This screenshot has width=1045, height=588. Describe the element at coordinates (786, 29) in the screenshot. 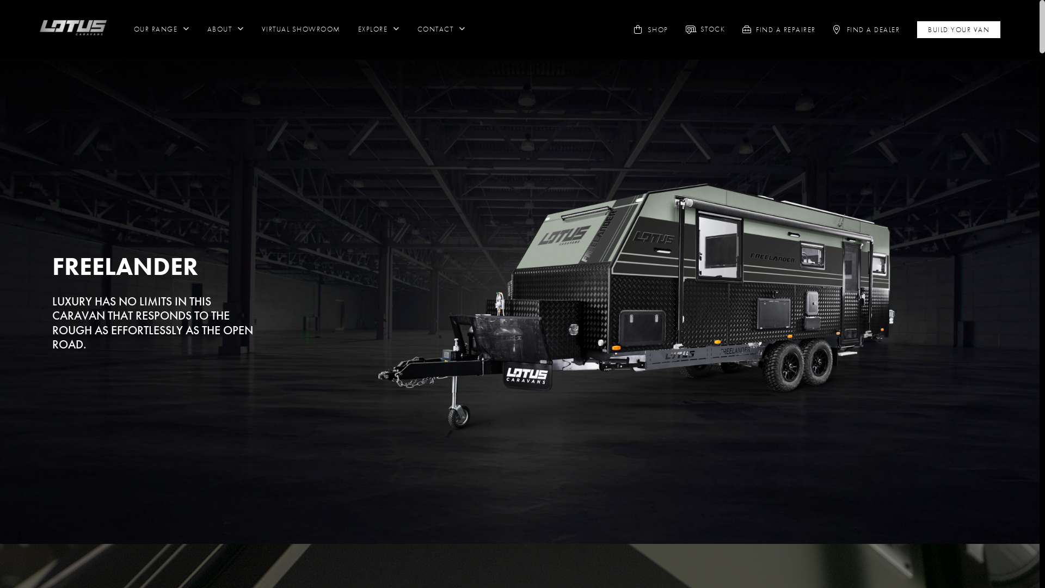

I see `'FIND A REPAIRER'` at that location.